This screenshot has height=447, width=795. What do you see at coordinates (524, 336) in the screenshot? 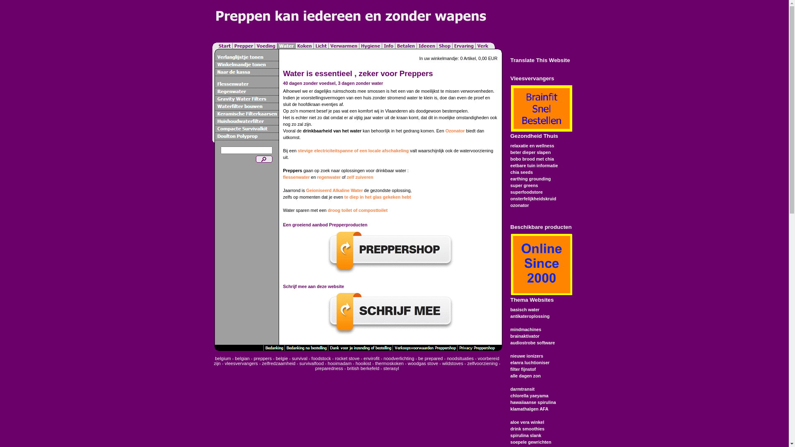
I see `'brainaktivator'` at bounding box center [524, 336].